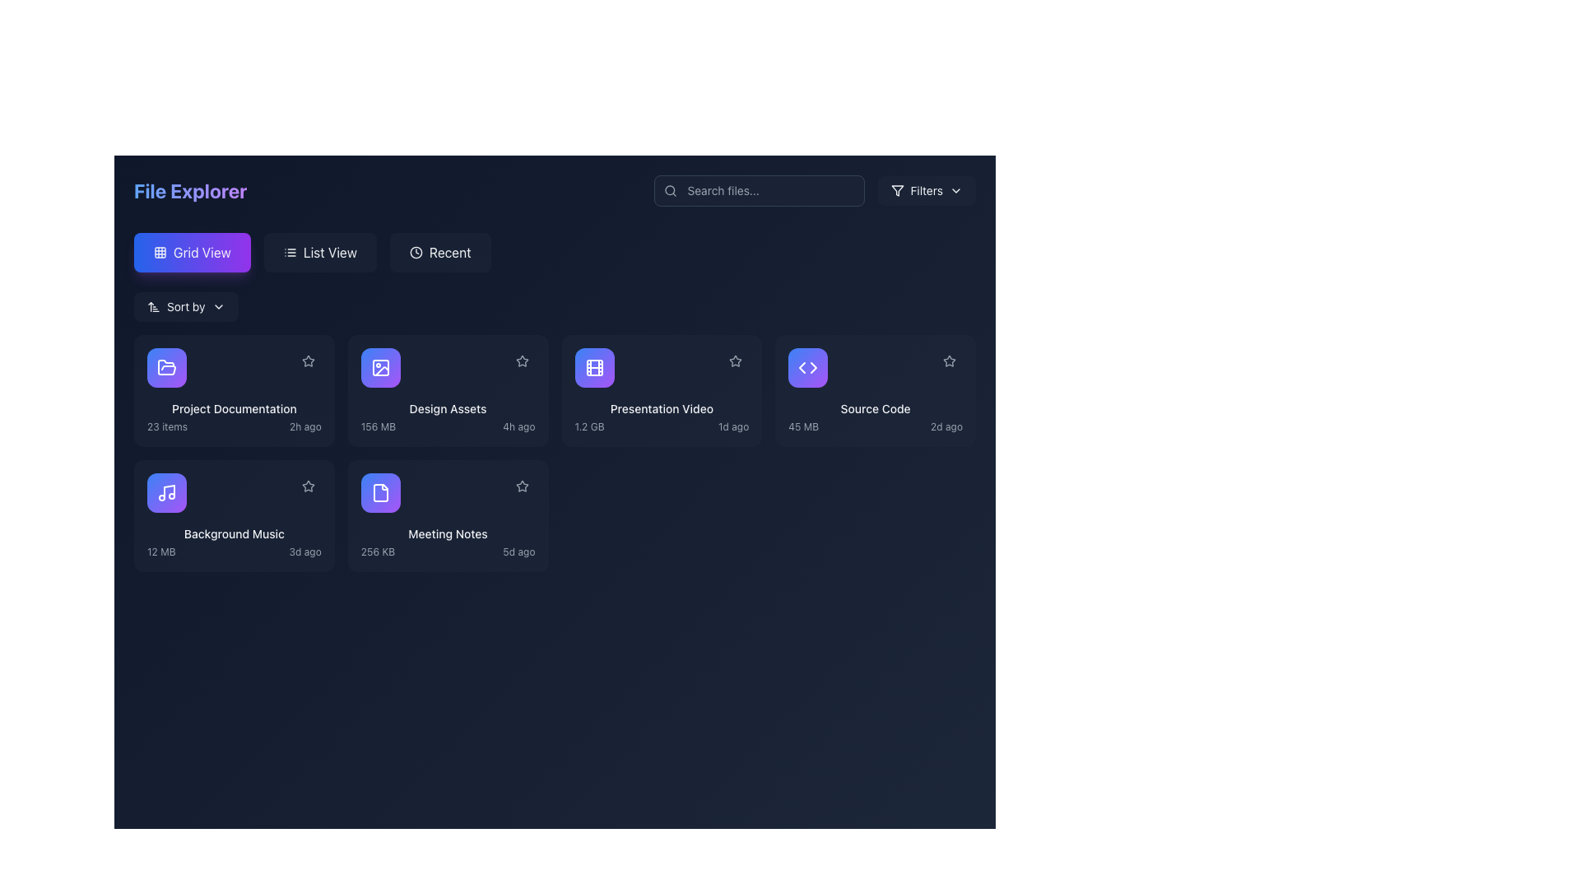 Image resolution: width=1580 pixels, height=889 pixels. I want to click on the Text label that displays the relative time elapsed since the 'Source Code' item was last modified, located to the right of the '45 MB' element in the bottom right corner of the item card for 'Source Code', so click(946, 426).